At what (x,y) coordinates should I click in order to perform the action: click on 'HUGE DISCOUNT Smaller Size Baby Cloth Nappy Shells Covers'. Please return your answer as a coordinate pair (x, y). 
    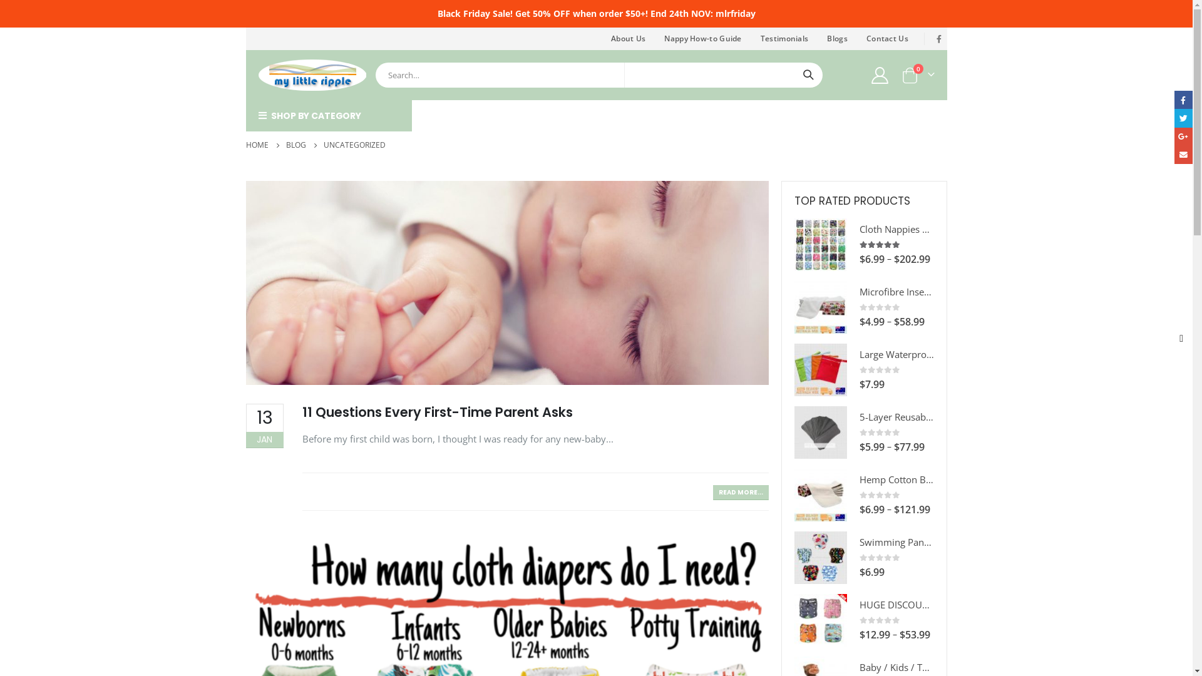
    Looking at the image, I should click on (820, 620).